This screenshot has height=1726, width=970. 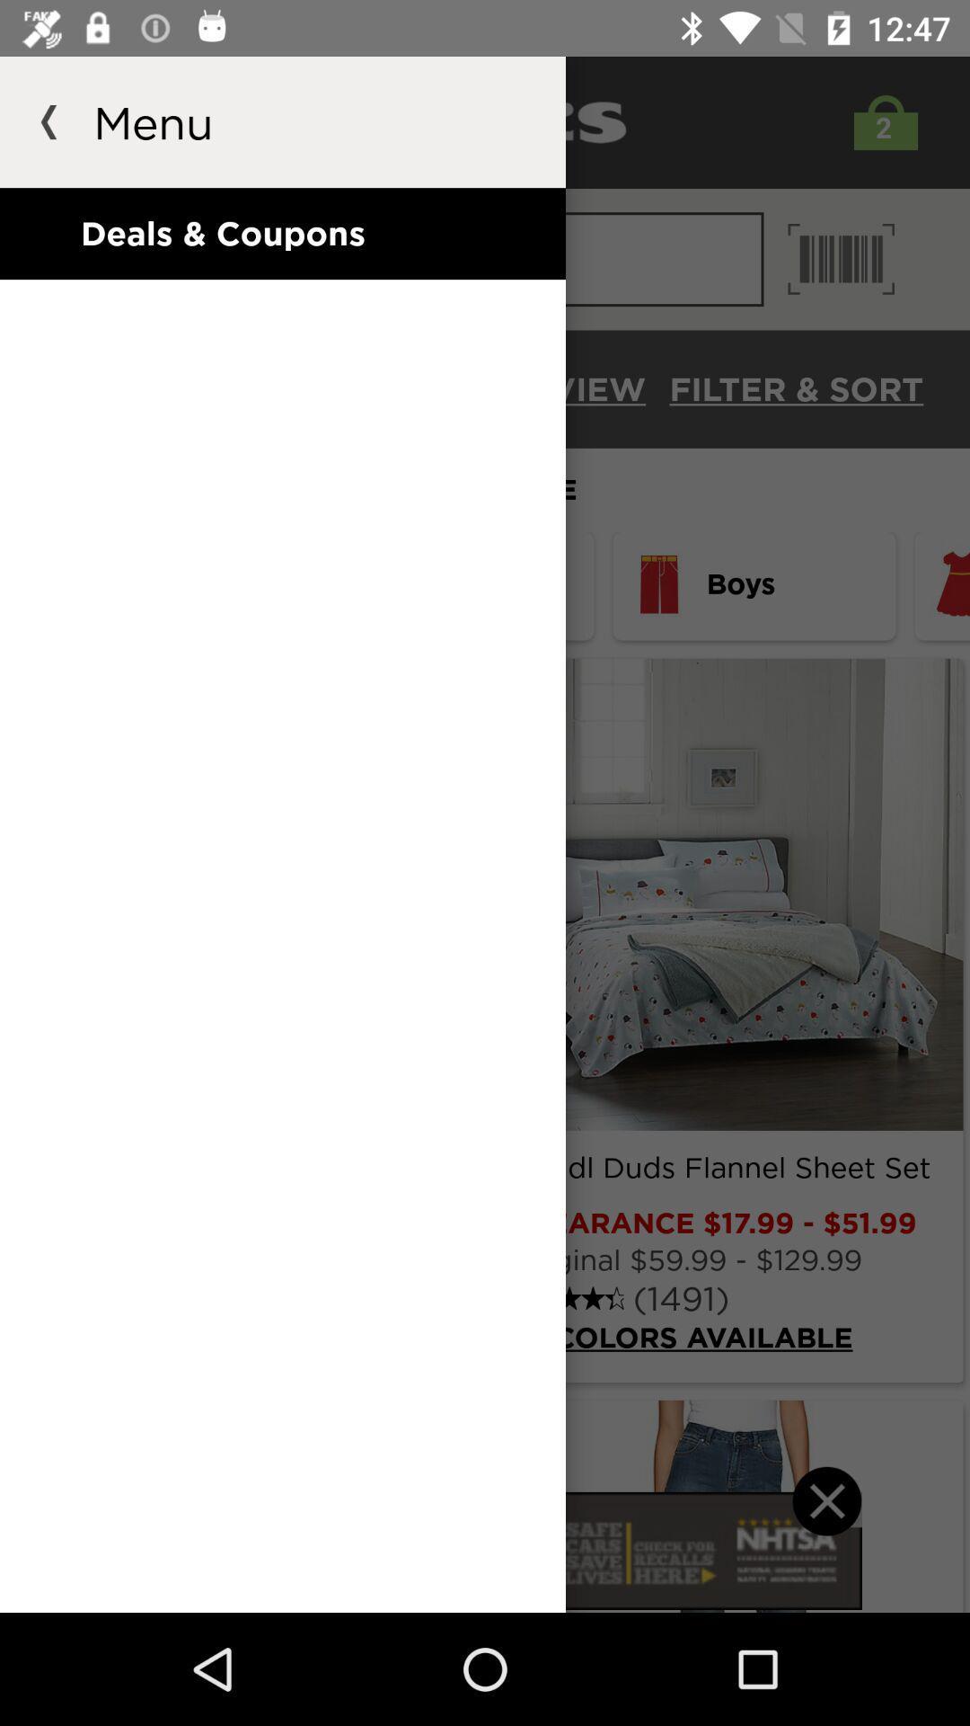 I want to click on the close icon, so click(x=826, y=1524).